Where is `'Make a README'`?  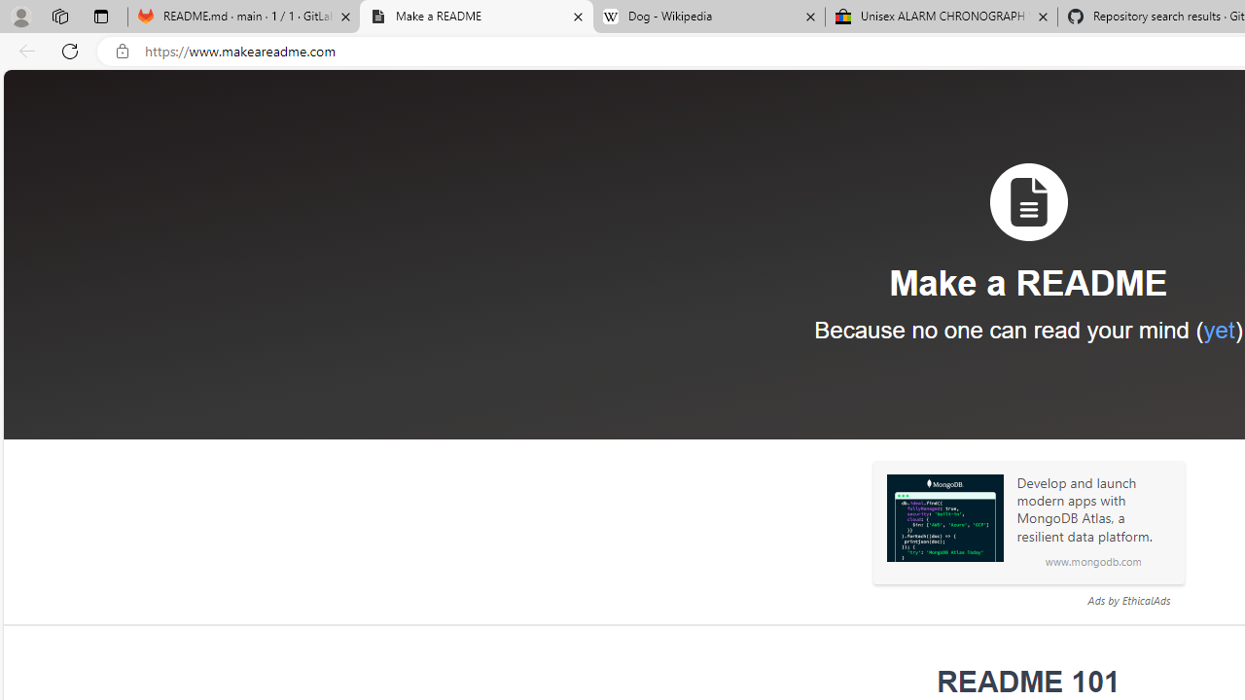
'Make a README' is located at coordinates (477, 17).